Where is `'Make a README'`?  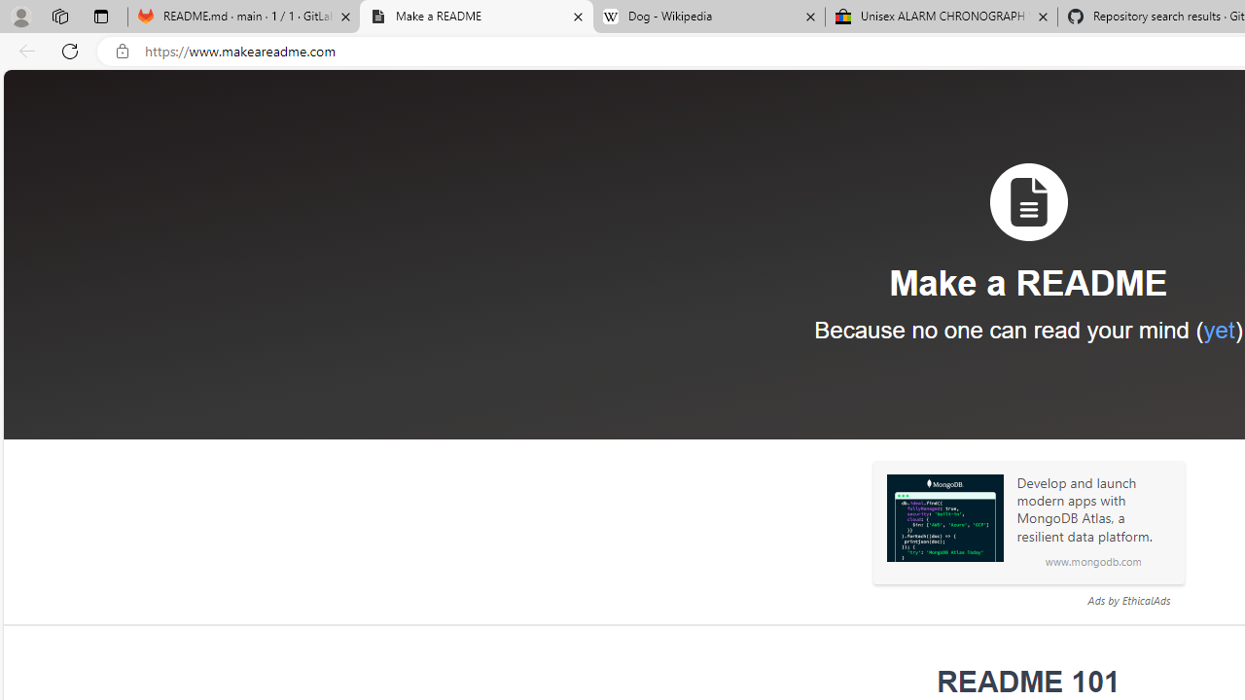
'Make a README' is located at coordinates (477, 17).